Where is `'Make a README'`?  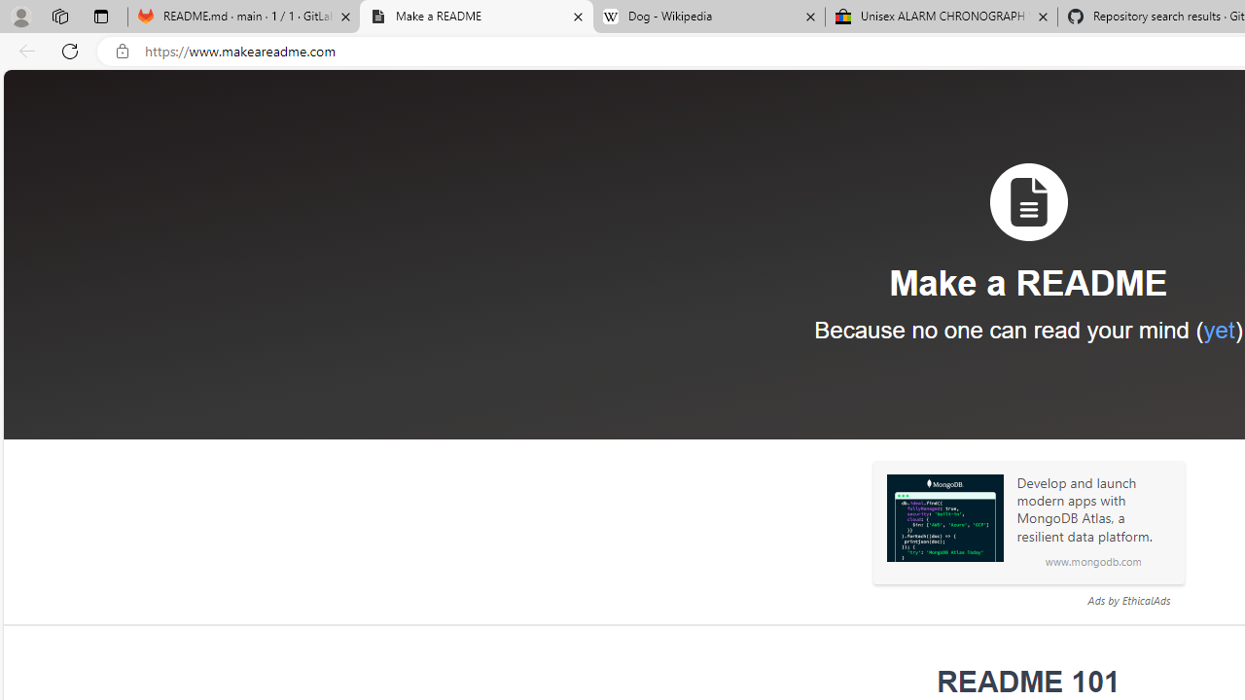
'Make a README' is located at coordinates (477, 17).